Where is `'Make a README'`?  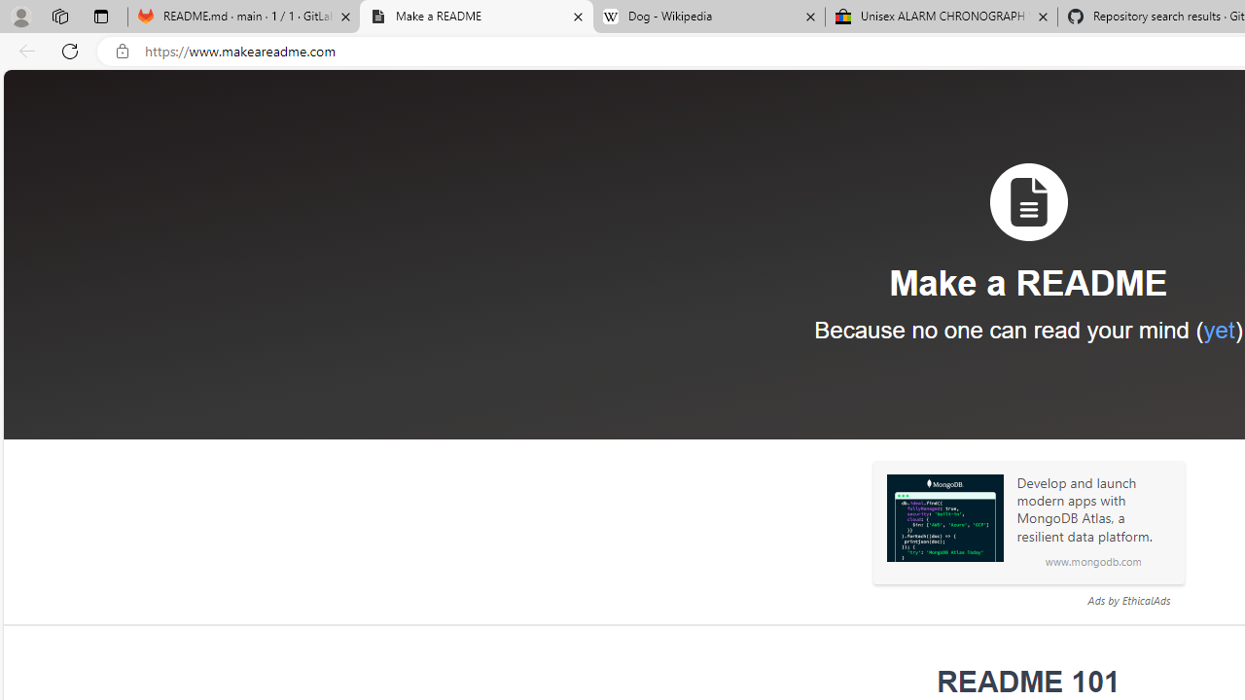
'Make a README' is located at coordinates (477, 17).